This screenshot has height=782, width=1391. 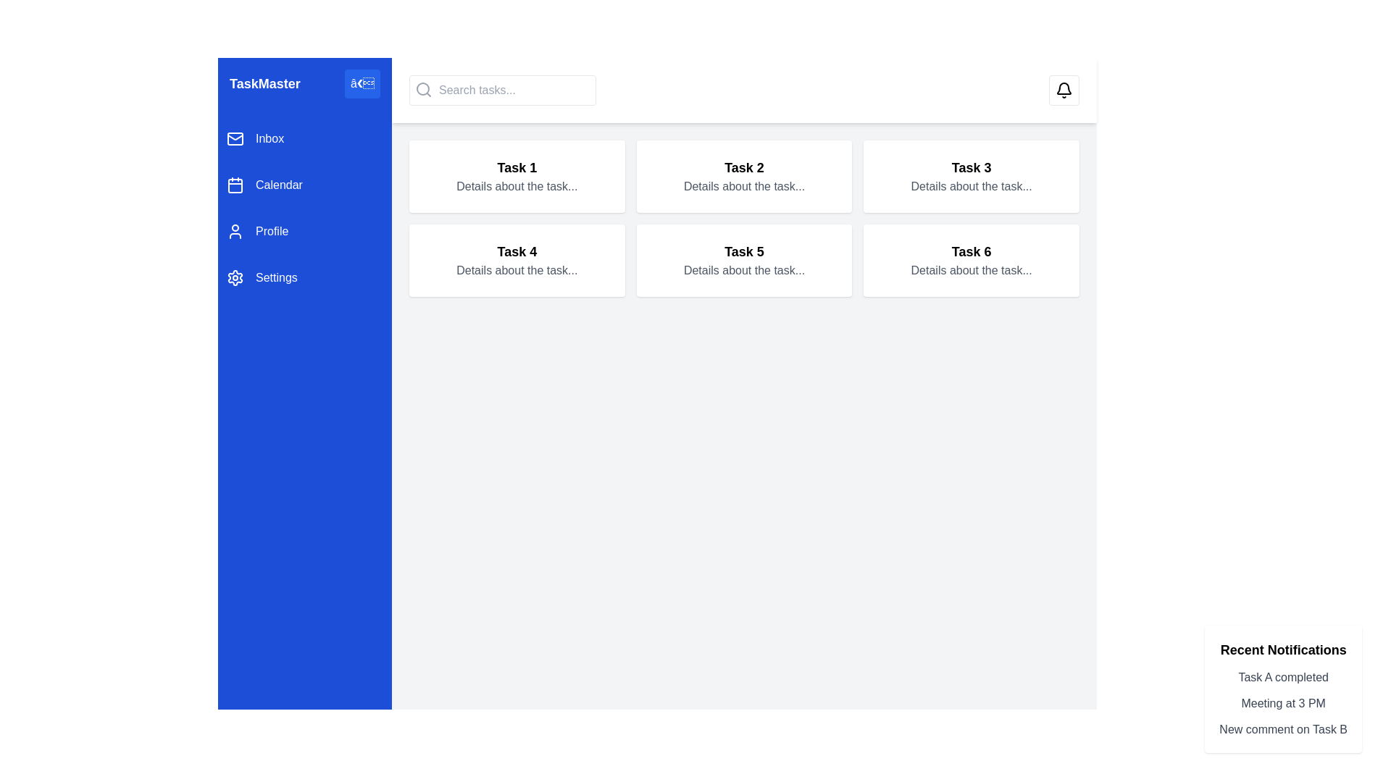 What do you see at coordinates (264, 83) in the screenshot?
I see `the 'TaskMaster' text label in the sidebar, which serves as the application's title and branding element` at bounding box center [264, 83].